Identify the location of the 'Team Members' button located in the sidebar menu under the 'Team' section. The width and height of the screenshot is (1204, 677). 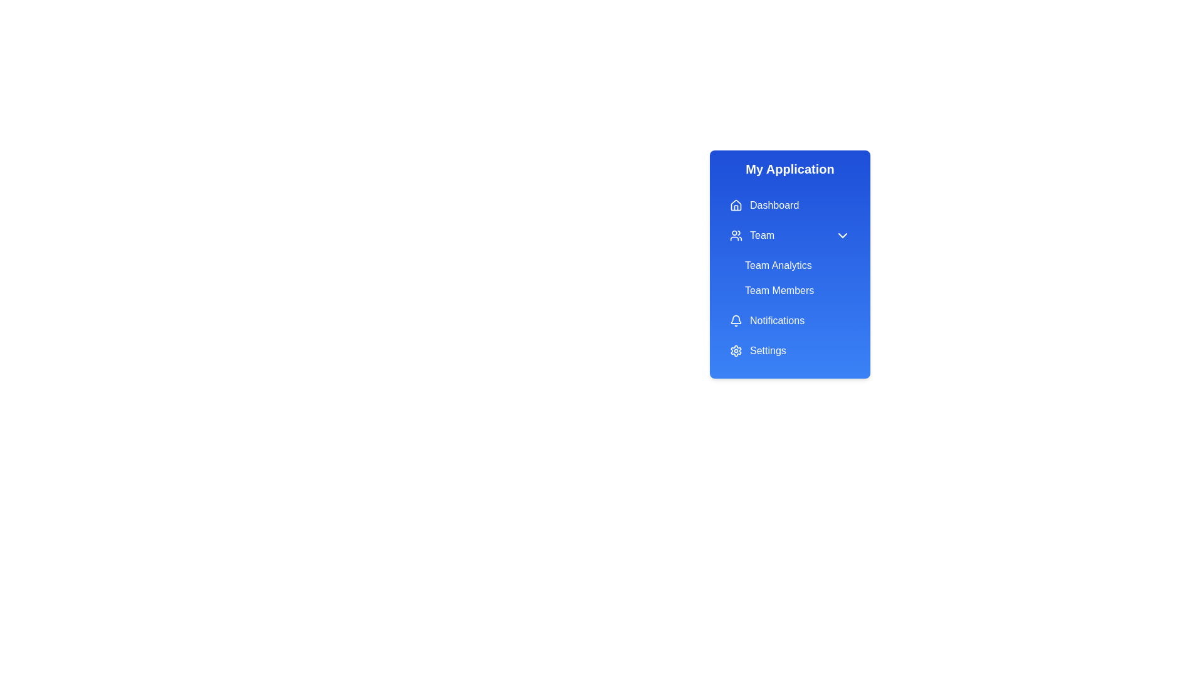
(797, 290).